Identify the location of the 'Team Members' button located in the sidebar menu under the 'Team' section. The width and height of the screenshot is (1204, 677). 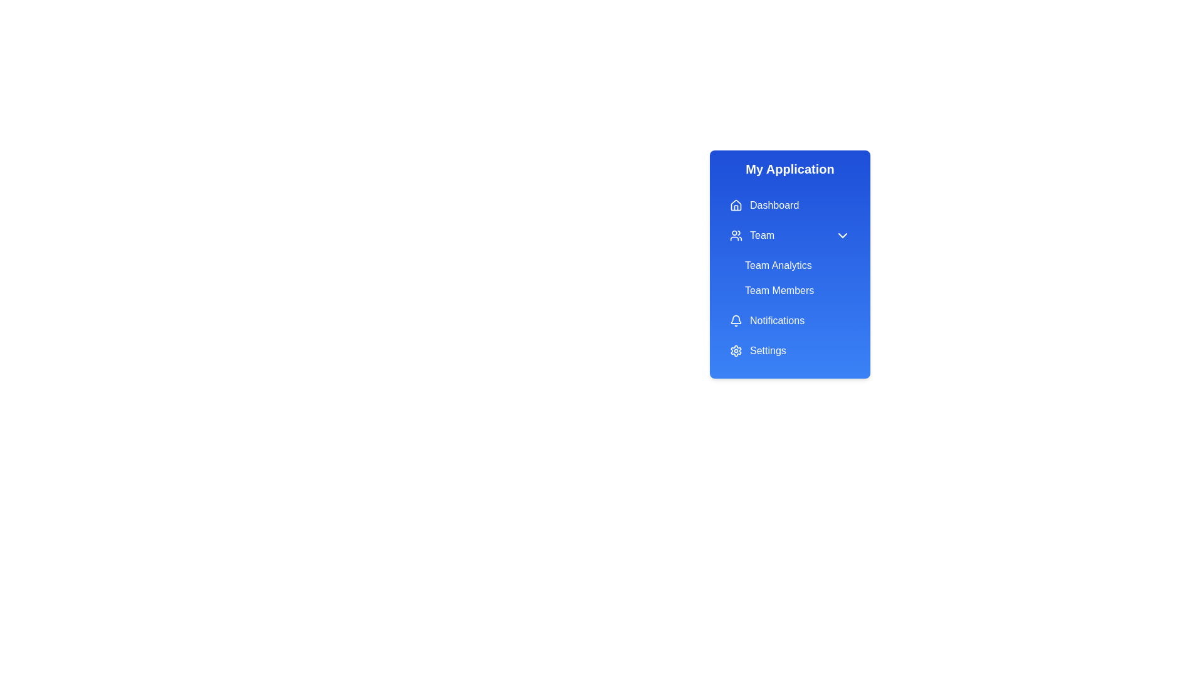
(797, 290).